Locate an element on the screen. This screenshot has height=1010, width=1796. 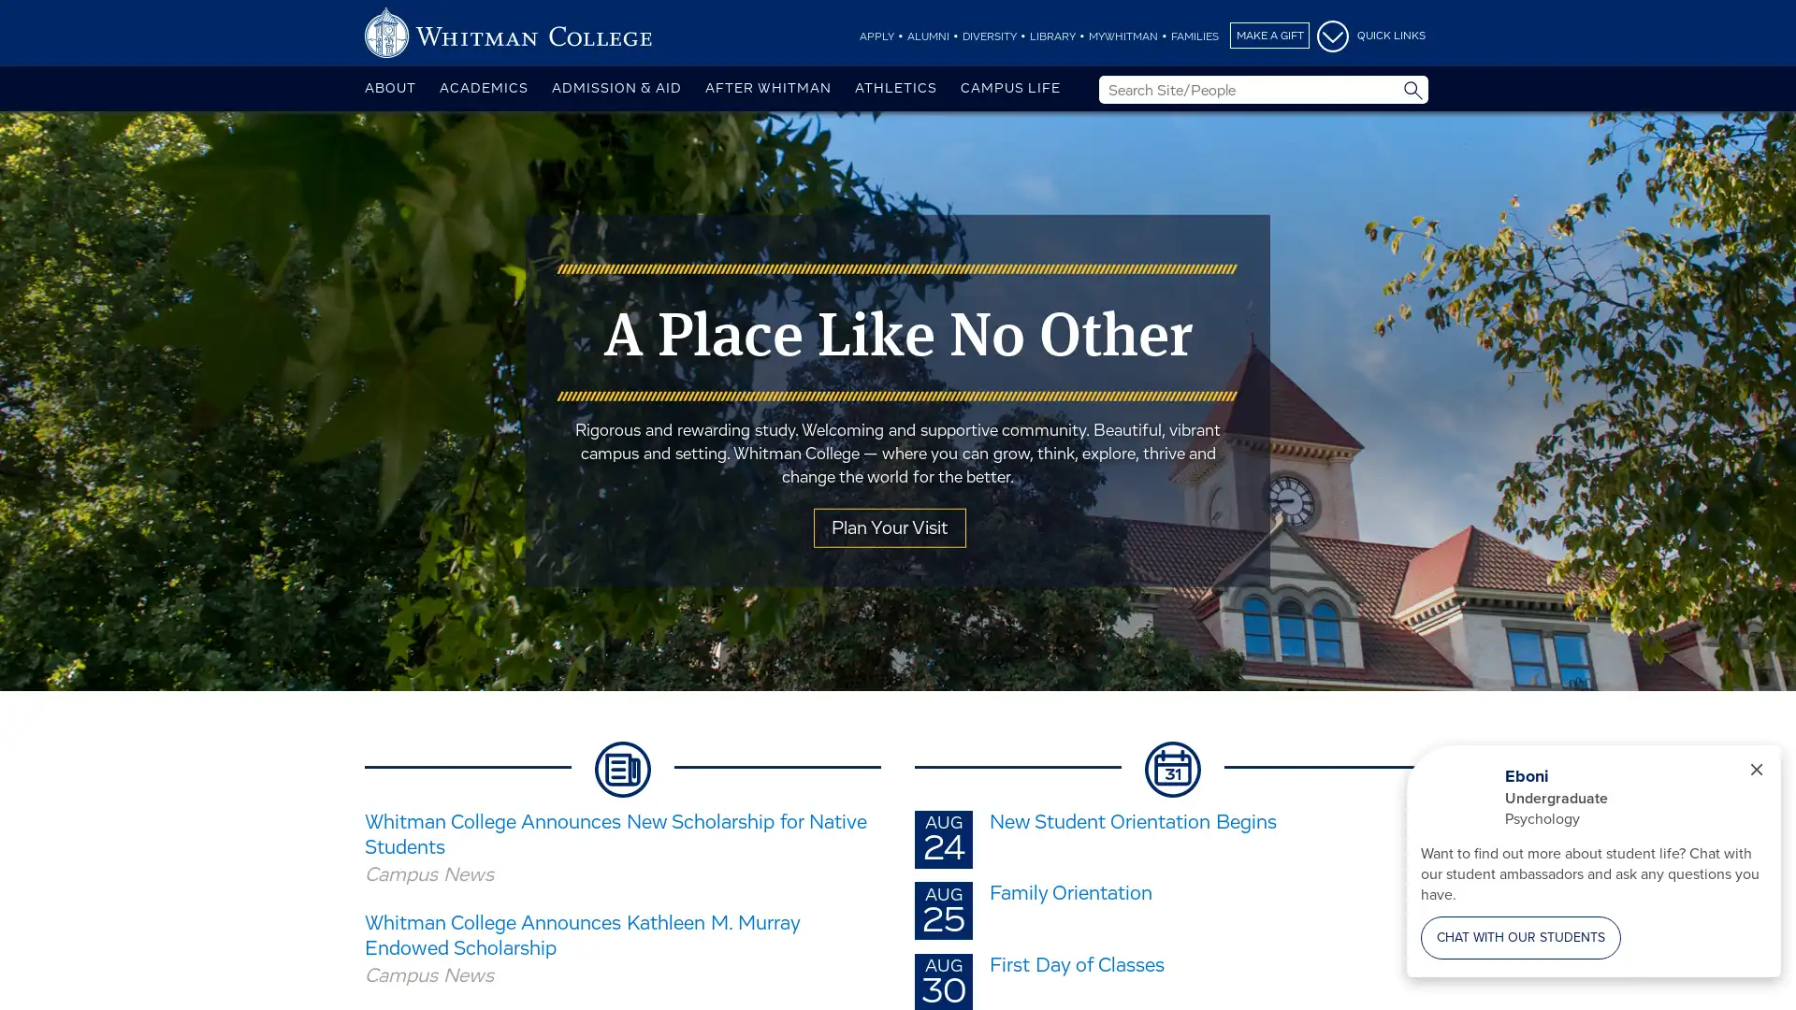
Site is located at coordinates (1423, 89).